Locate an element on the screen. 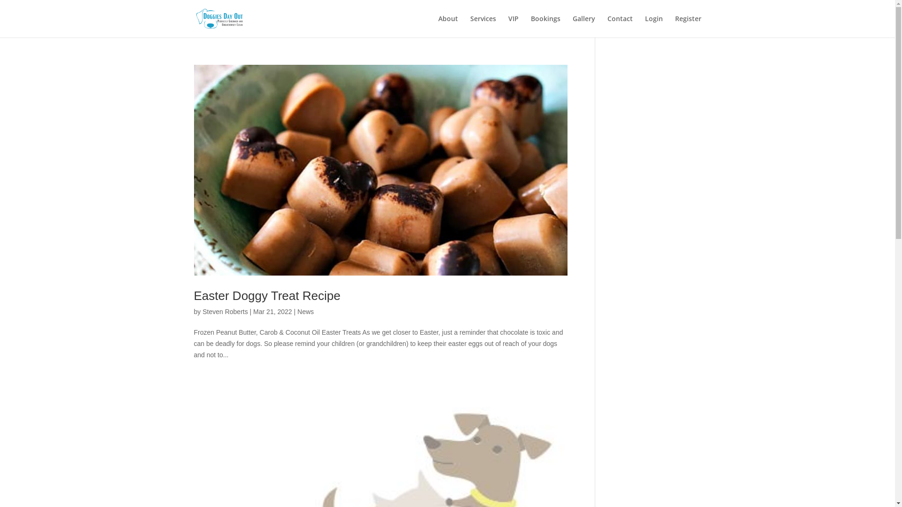  'Steven Roberts' is located at coordinates (225, 311).